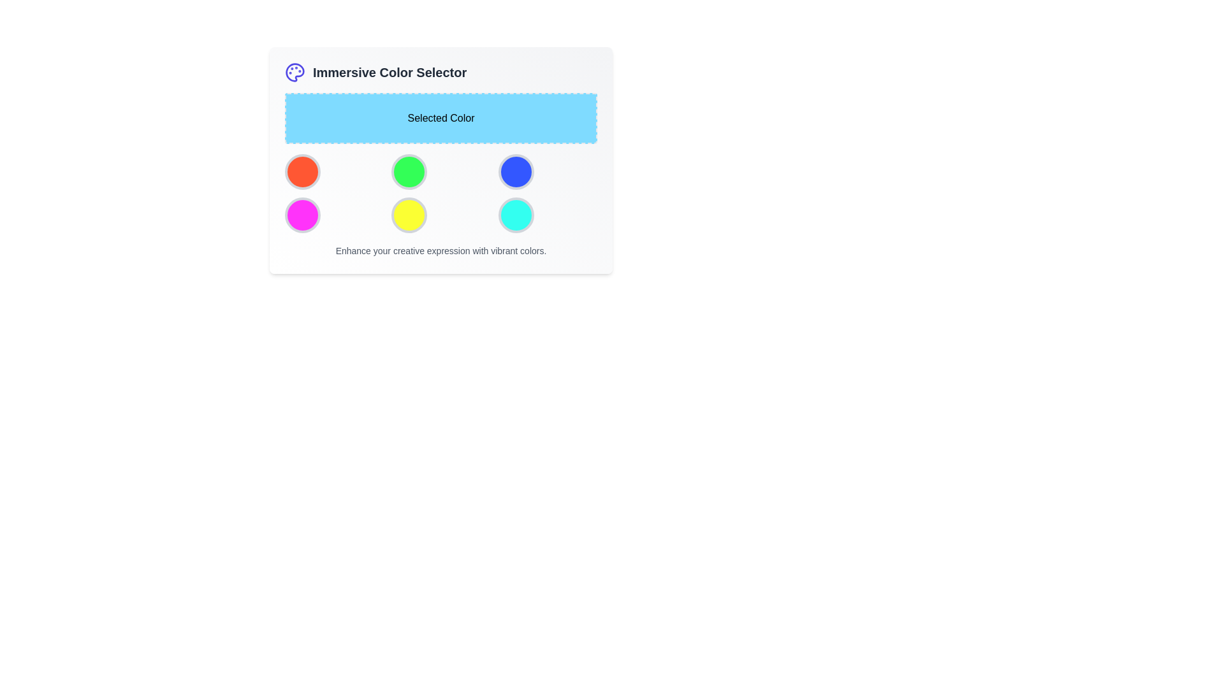 The width and height of the screenshot is (1224, 688). Describe the element at coordinates (389, 73) in the screenshot. I see `the text label indicating 'Immersive Color Selector', which is located in the upper section of the panel, to the right of a colorful palette icon` at that location.